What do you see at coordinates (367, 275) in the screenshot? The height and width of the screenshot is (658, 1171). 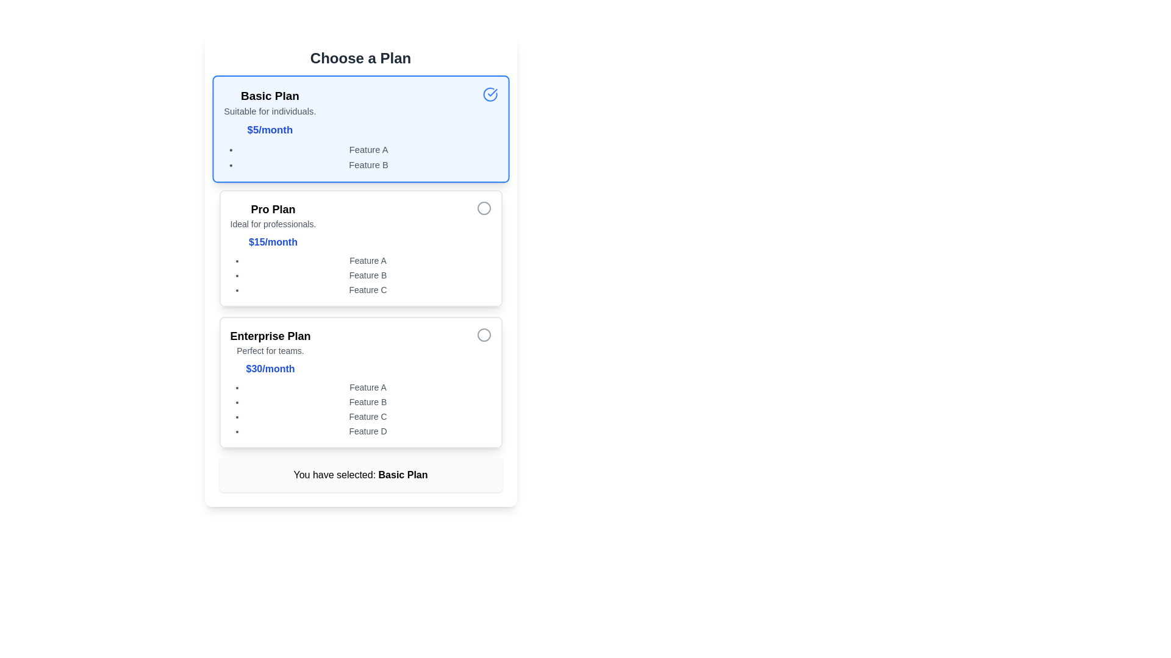 I see `descriptive label for the second feature in the 'Pro Plan' subscription tier, which is part of a vertically arranged bullet-point list within the 'Pro Plan' card` at bounding box center [367, 275].